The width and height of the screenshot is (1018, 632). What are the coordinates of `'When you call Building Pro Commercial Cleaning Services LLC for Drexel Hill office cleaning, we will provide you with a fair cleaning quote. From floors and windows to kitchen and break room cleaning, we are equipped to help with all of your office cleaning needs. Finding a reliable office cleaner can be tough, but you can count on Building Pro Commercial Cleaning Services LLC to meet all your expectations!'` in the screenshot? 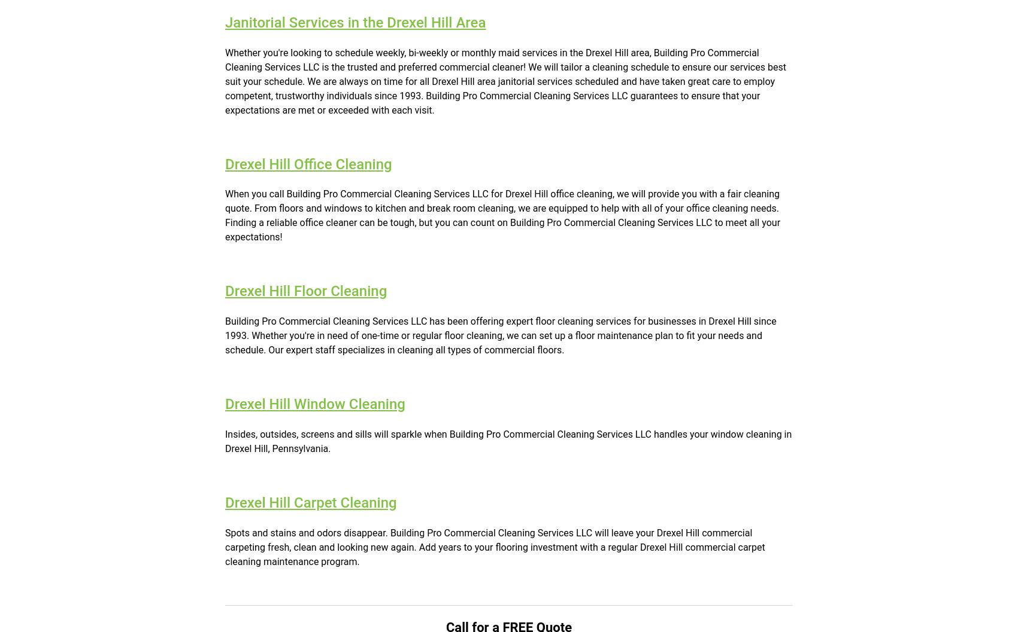 It's located at (502, 215).